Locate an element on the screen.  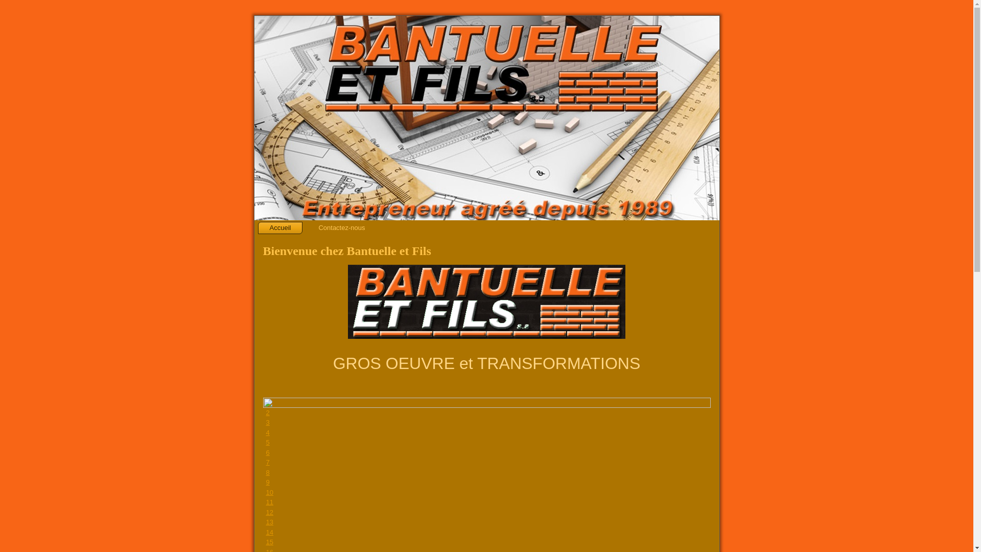
'2' is located at coordinates (267, 412).